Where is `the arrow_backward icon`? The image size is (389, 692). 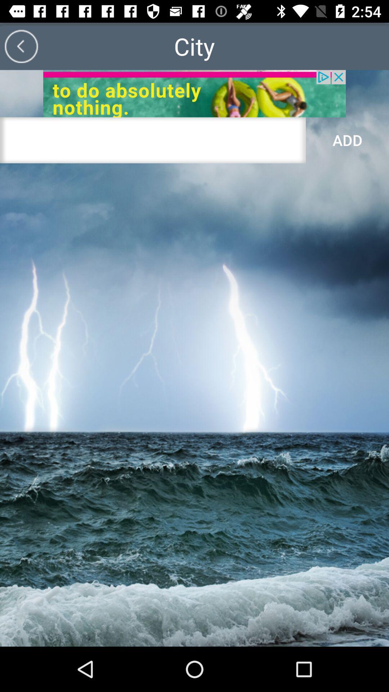
the arrow_backward icon is located at coordinates (21, 46).